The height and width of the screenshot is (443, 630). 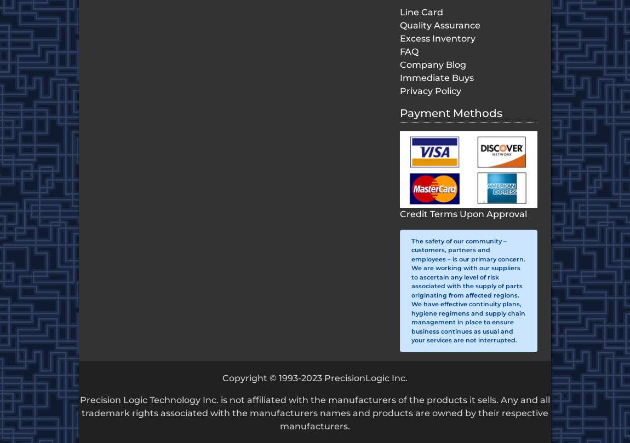 What do you see at coordinates (399, 78) in the screenshot?
I see `'Immediate Buys'` at bounding box center [399, 78].